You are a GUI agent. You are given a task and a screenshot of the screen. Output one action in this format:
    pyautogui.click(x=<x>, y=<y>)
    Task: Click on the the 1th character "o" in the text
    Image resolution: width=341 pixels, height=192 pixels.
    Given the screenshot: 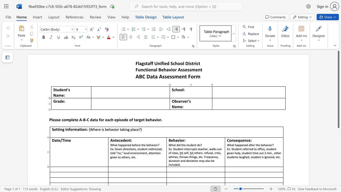 What is the action you would take?
    pyautogui.click(x=199, y=145)
    